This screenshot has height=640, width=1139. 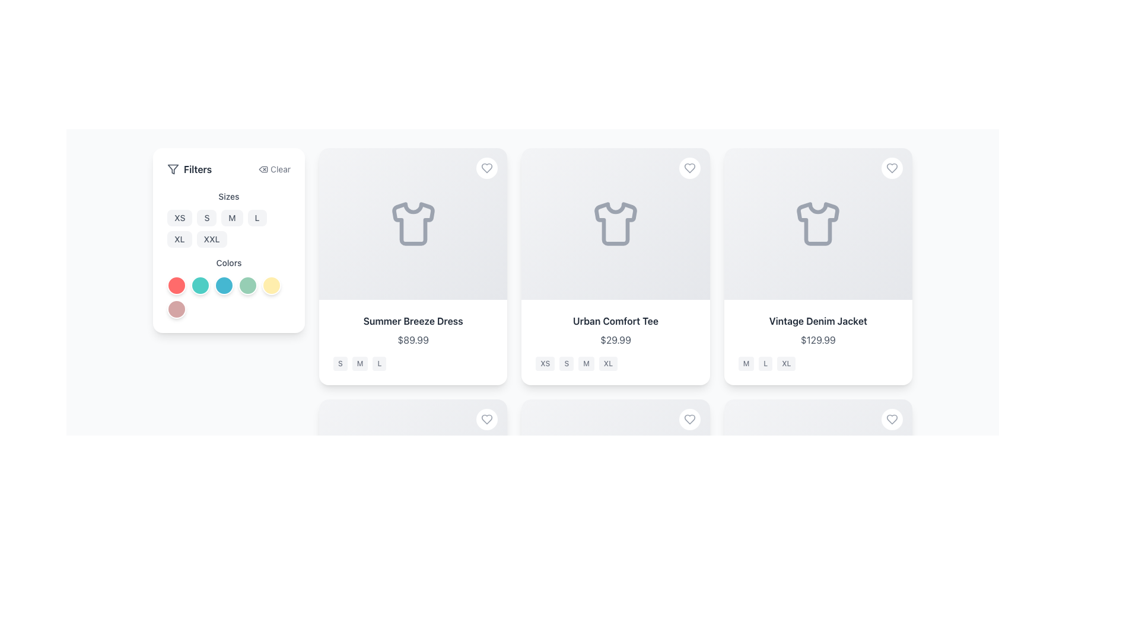 I want to click on the 'Filters' label, which is a bold dark gray text element located to the right of the filter icon in the filter panel, so click(x=198, y=169).